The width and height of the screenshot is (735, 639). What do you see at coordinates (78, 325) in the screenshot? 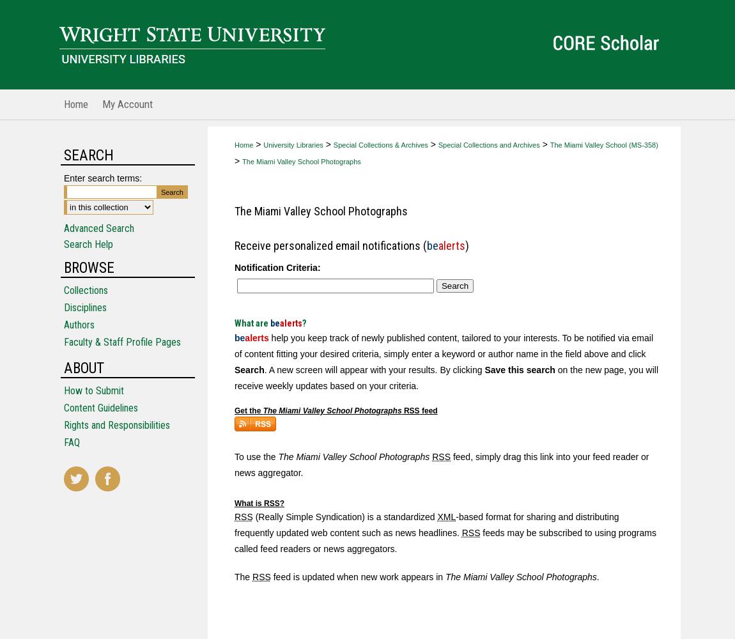
I see `'Authors'` at bounding box center [78, 325].